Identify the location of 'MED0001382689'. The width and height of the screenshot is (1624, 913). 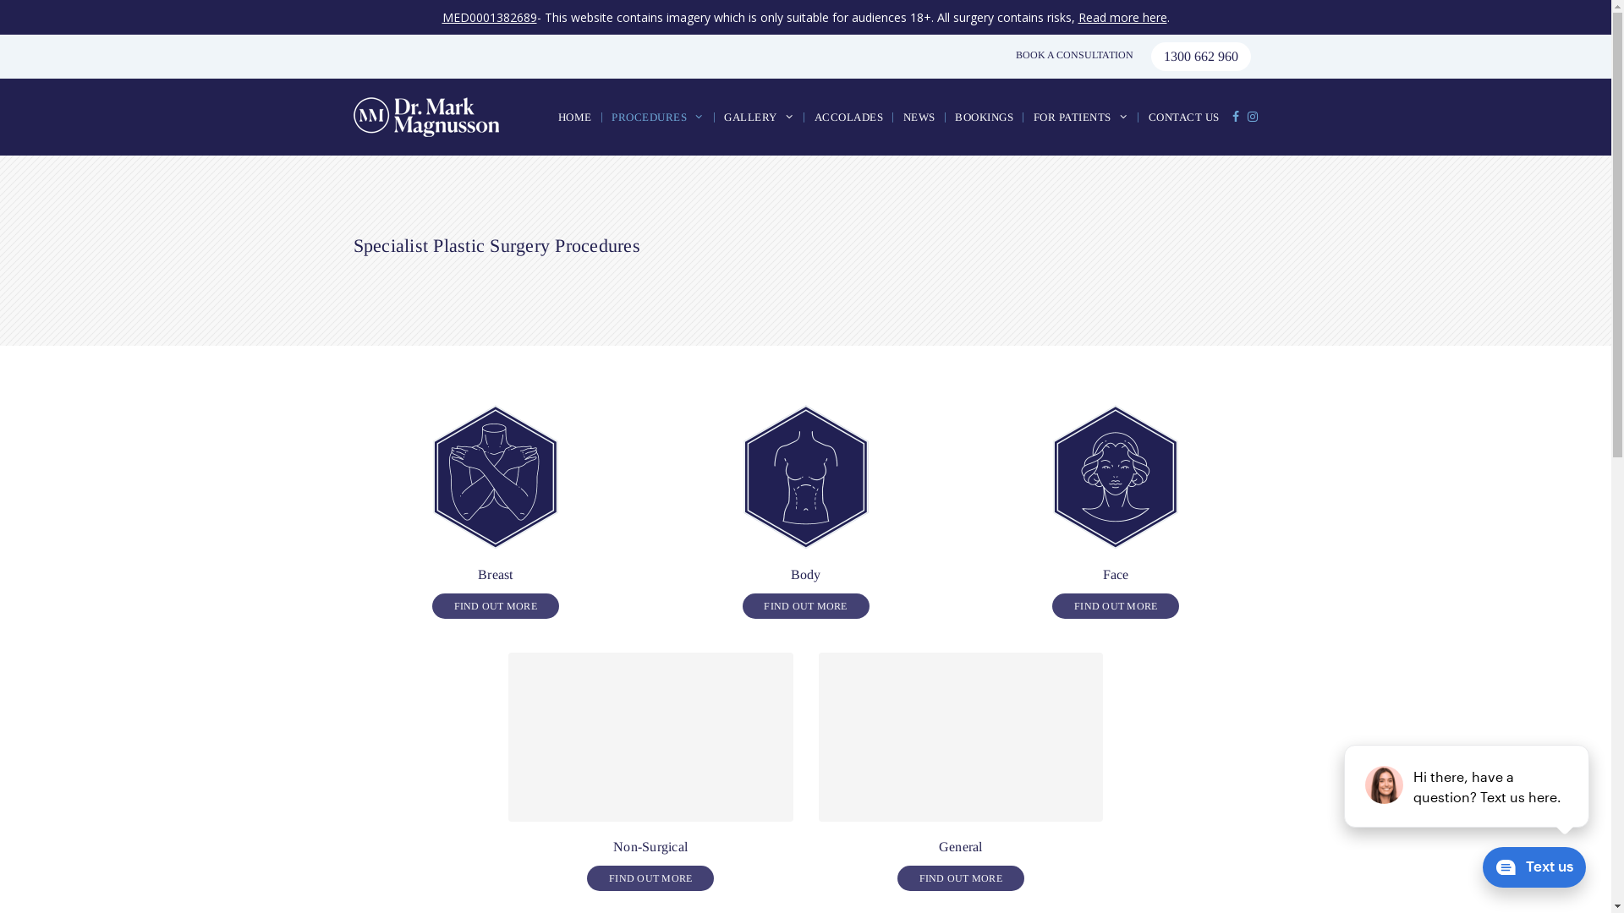
(487, 17).